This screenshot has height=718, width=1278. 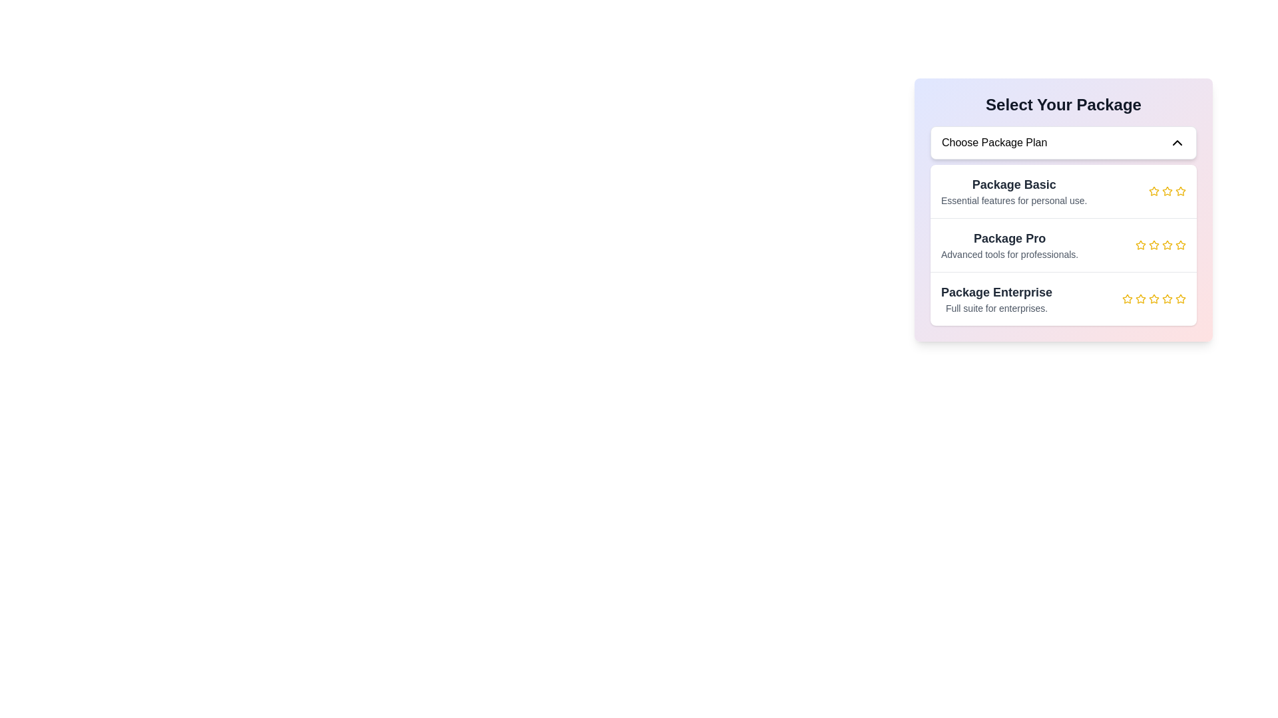 I want to click on the third yellow star icon in the rating group for 'Package Pro', located in the second row of the 'Select Your Package' panel, so click(x=1153, y=245).